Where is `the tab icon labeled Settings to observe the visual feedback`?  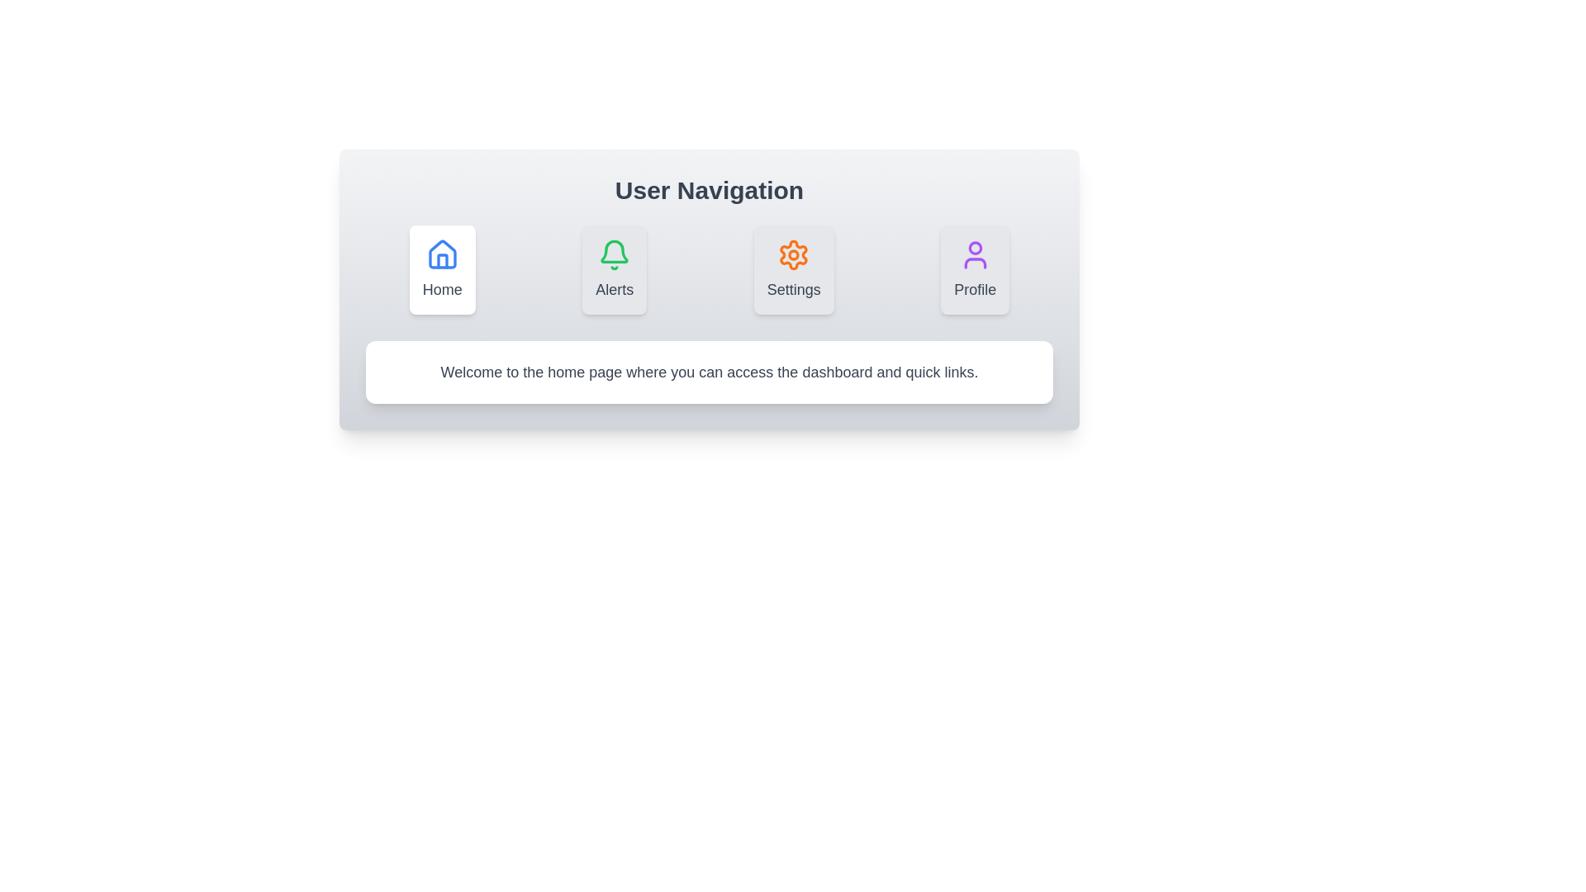
the tab icon labeled Settings to observe the visual feedback is located at coordinates (794, 269).